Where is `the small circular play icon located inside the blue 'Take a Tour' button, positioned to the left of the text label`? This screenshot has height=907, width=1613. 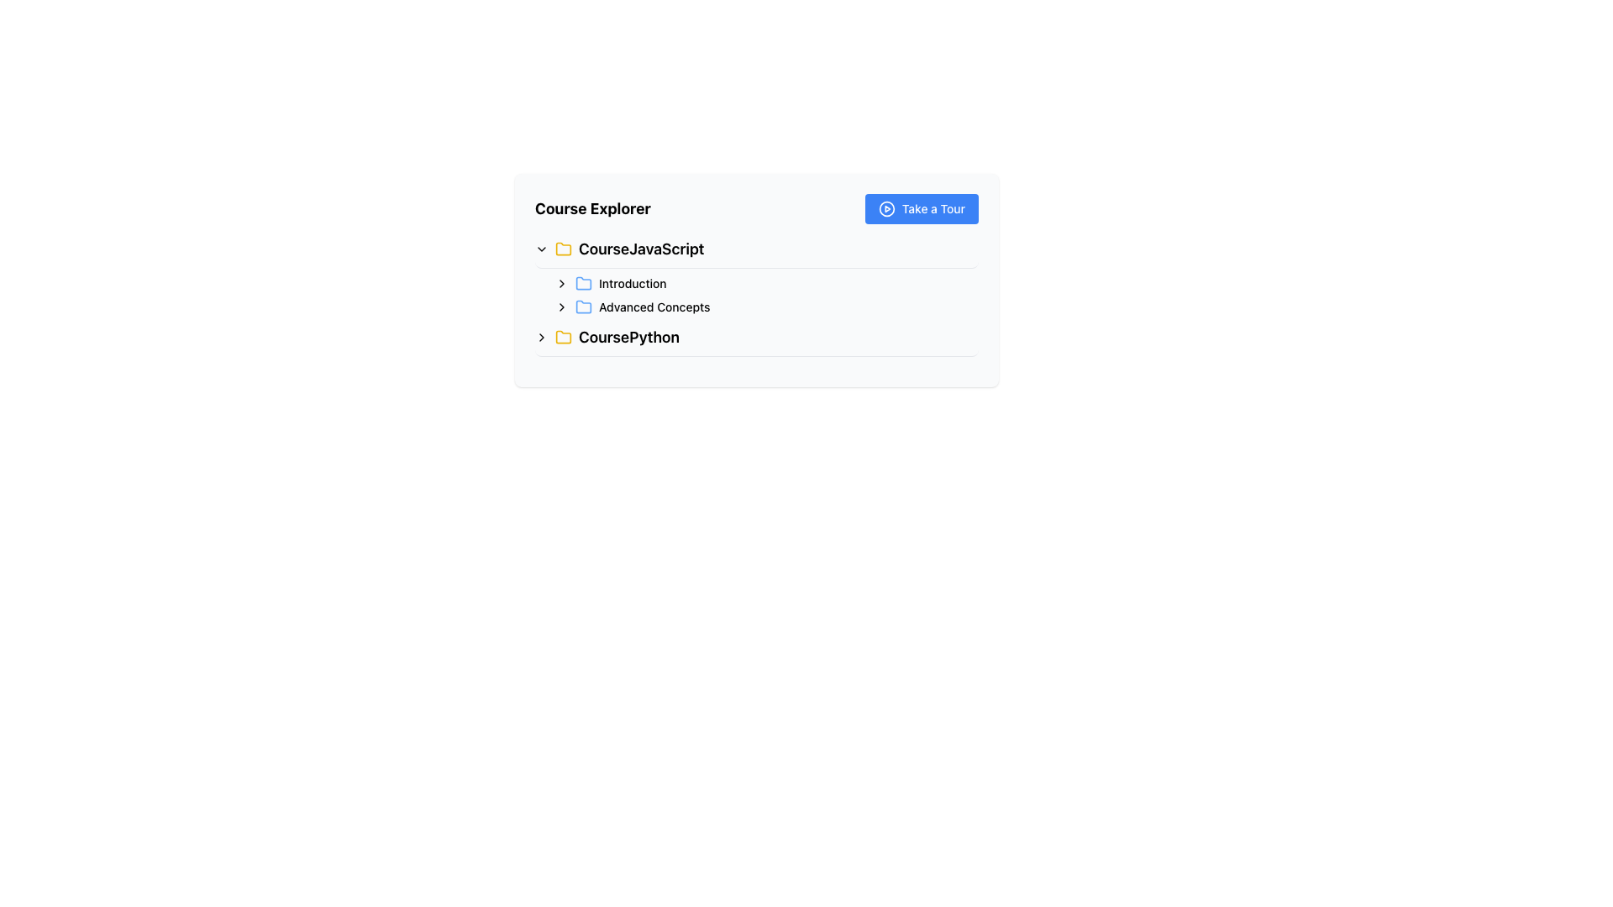 the small circular play icon located inside the blue 'Take a Tour' button, positioned to the left of the text label is located at coordinates (886, 208).